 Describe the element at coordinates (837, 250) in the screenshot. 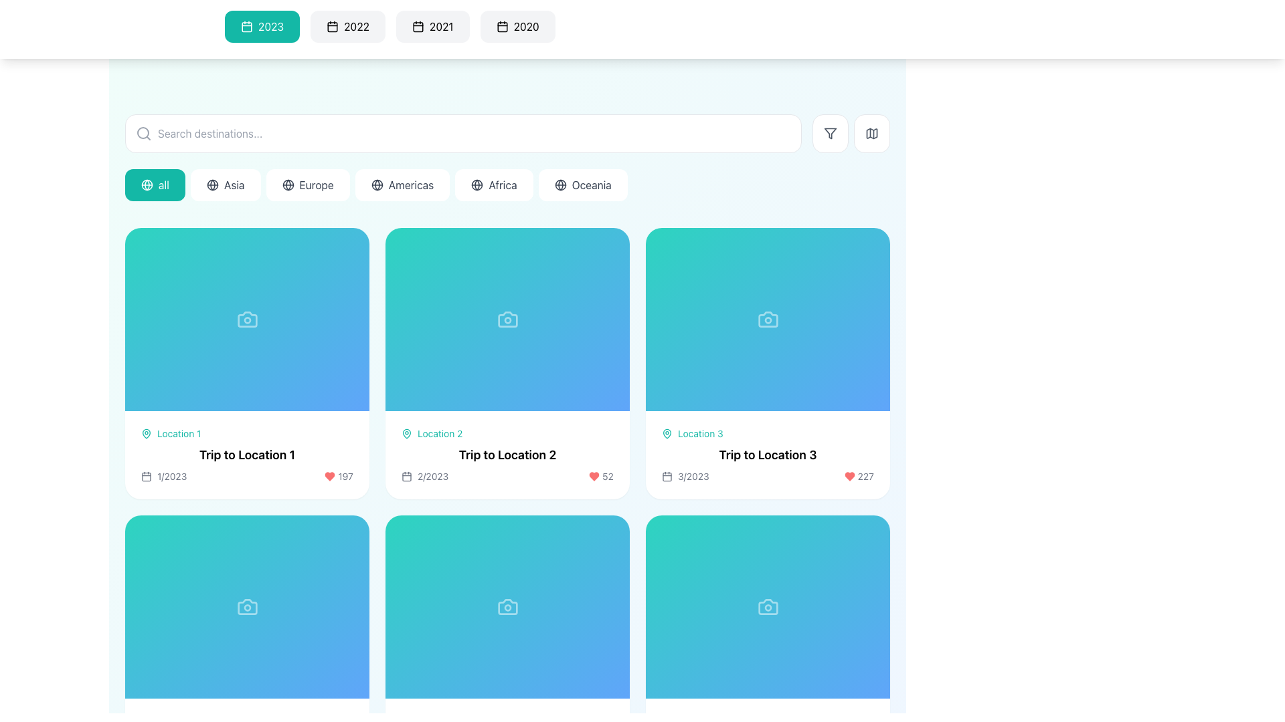

I see `the 'favorite' button in the top-right corner of the 'Trip` at that location.